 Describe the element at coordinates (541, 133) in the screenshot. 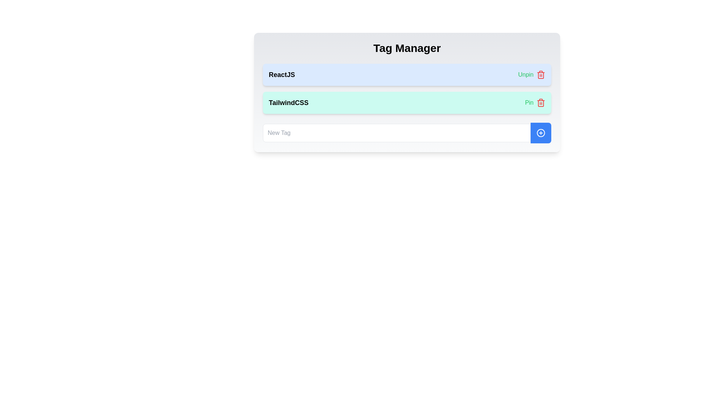

I see `the circular icon with a blue fill and a white '+' sign located in the bottom right corner of the 'New Tag' area` at that location.